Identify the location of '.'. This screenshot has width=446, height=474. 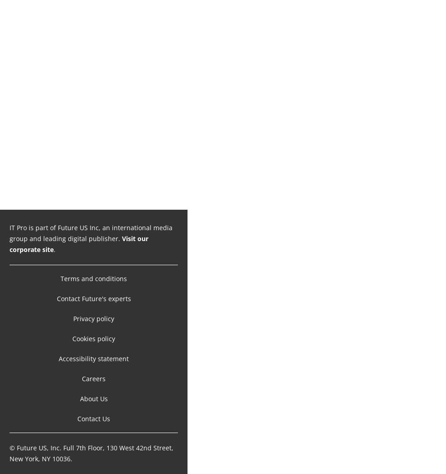
(54, 249).